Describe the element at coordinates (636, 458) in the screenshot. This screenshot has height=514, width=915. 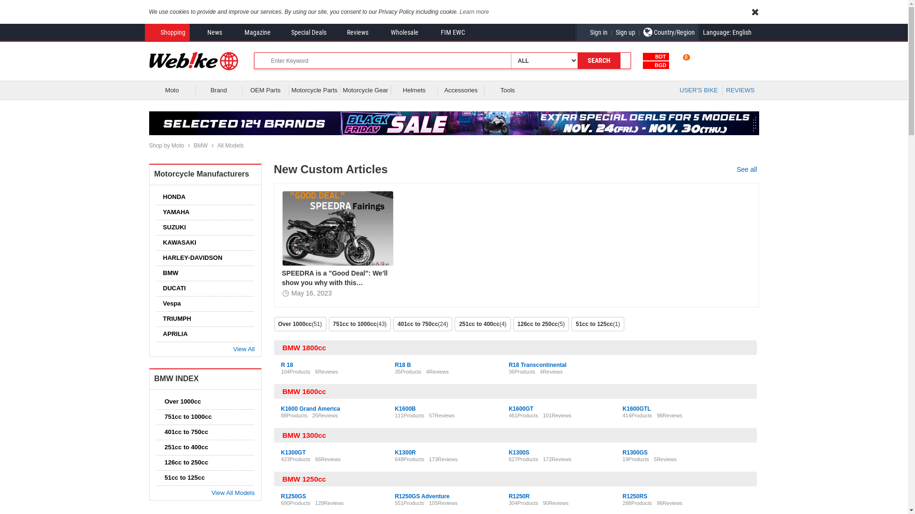
I see `'19Products'` at that location.